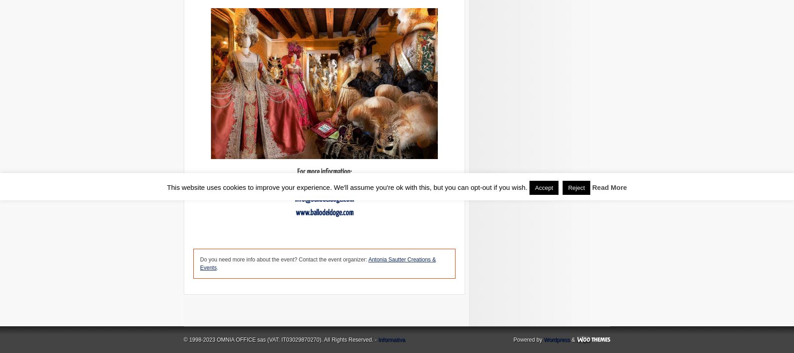 The width and height of the screenshot is (794, 353). What do you see at coordinates (573, 339) in the screenshot?
I see `'&'` at bounding box center [573, 339].